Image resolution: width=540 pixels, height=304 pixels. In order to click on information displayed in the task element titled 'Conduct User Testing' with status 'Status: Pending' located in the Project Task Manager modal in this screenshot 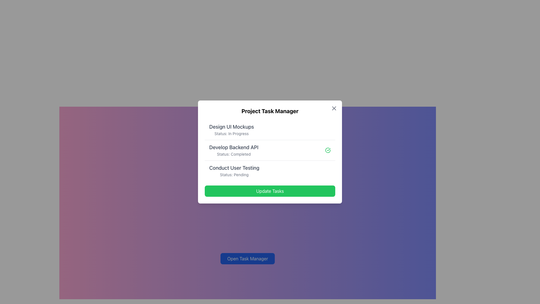, I will do `click(234, 170)`.